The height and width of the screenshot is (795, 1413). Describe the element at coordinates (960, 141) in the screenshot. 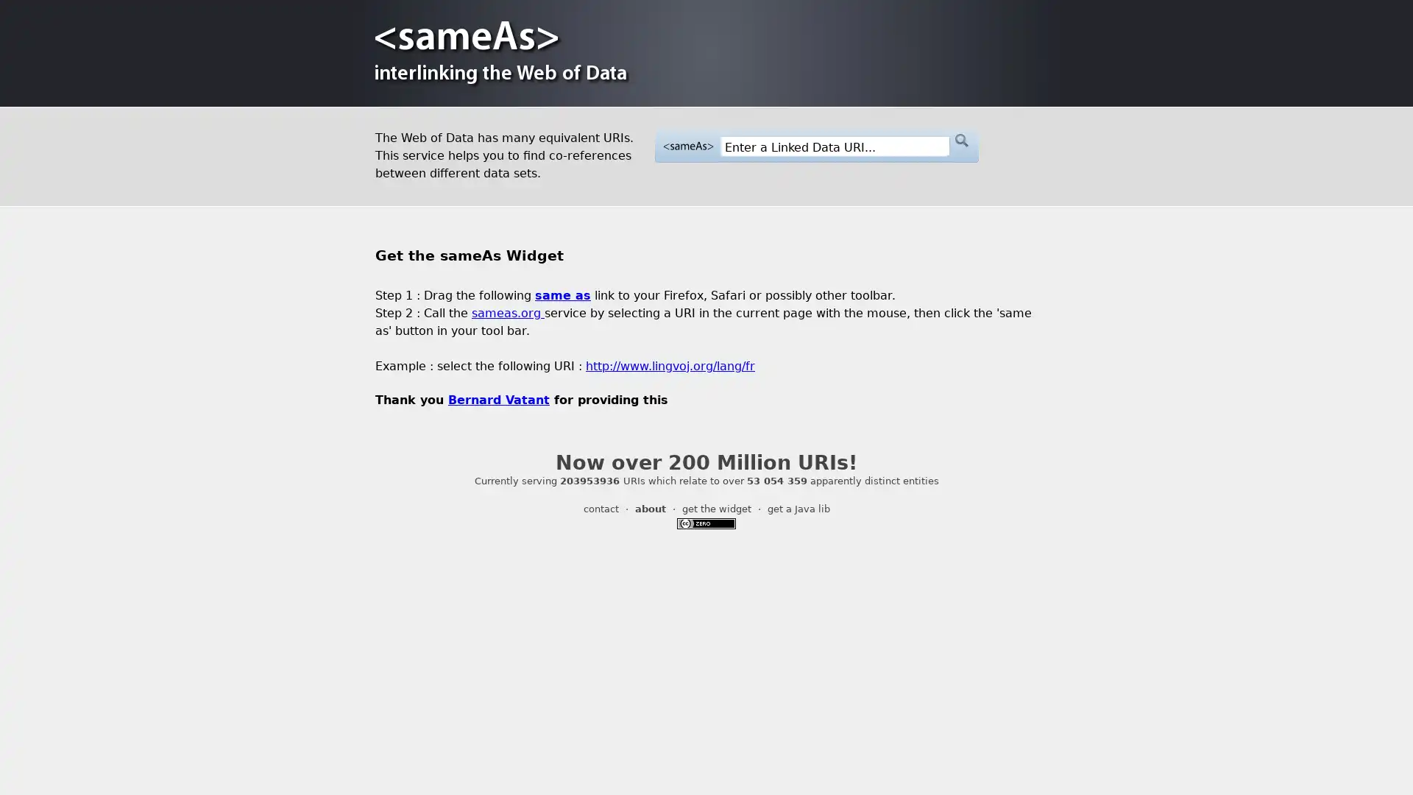

I see `Submit` at that location.